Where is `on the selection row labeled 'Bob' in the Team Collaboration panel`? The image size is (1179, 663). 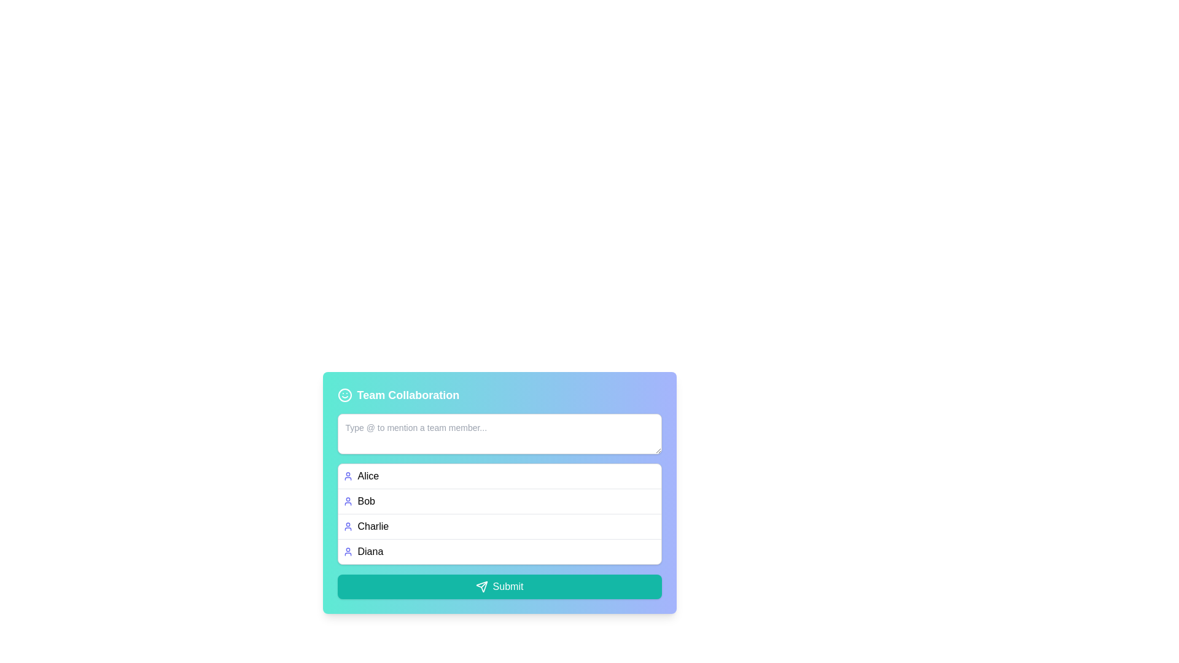 on the selection row labeled 'Bob' in the Team Collaboration panel is located at coordinates (499, 498).